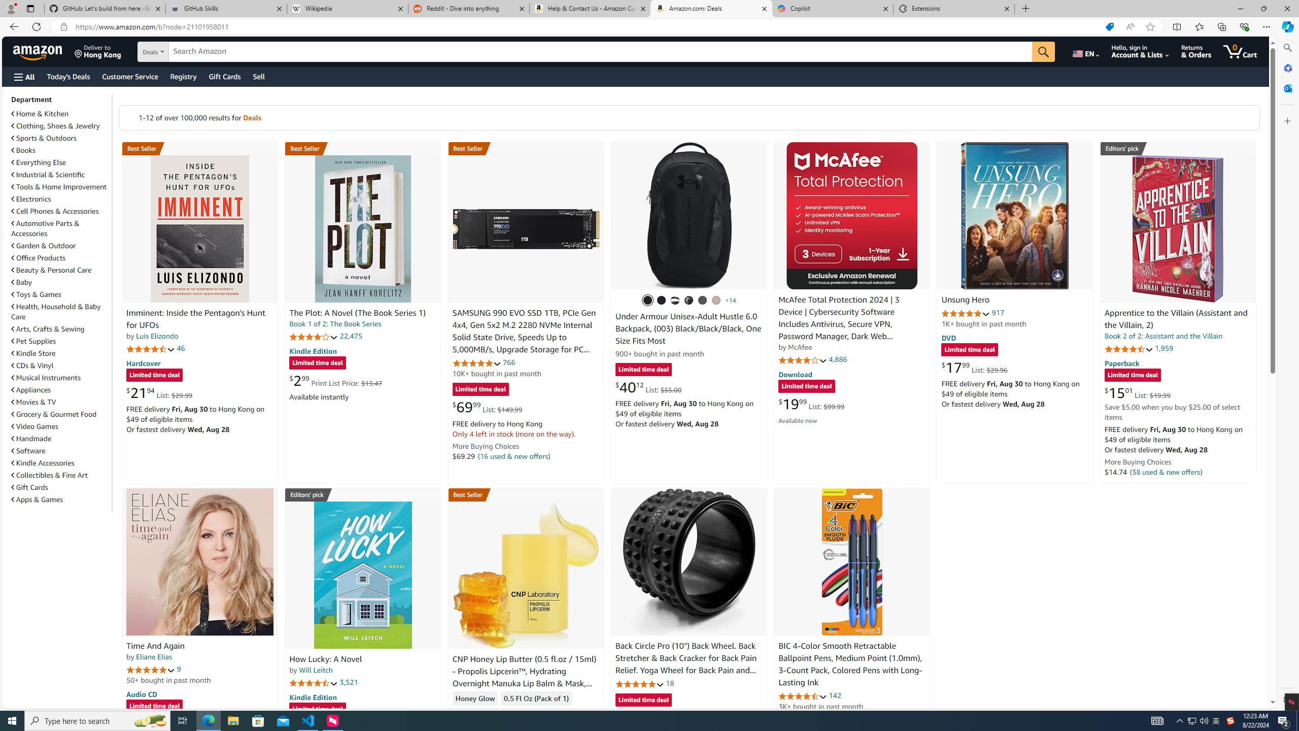  What do you see at coordinates (60, 438) in the screenshot?
I see `'Handmade'` at bounding box center [60, 438].